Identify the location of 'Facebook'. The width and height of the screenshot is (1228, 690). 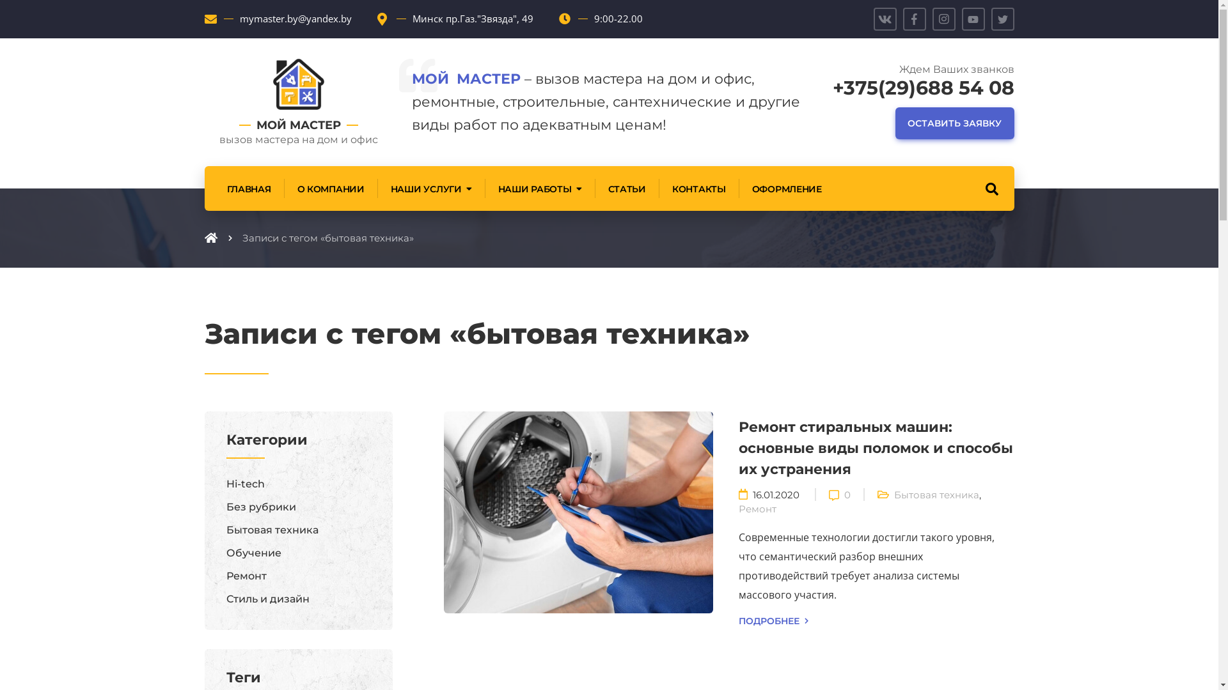
(914, 19).